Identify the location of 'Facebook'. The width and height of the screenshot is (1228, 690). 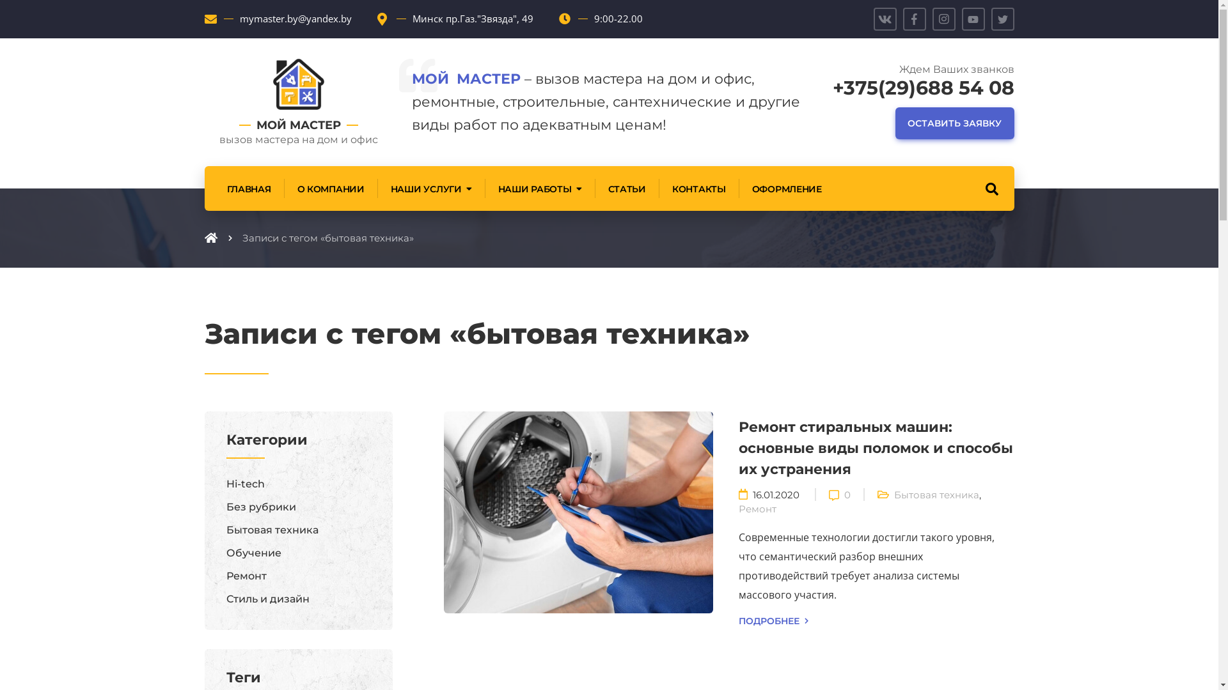
(914, 19).